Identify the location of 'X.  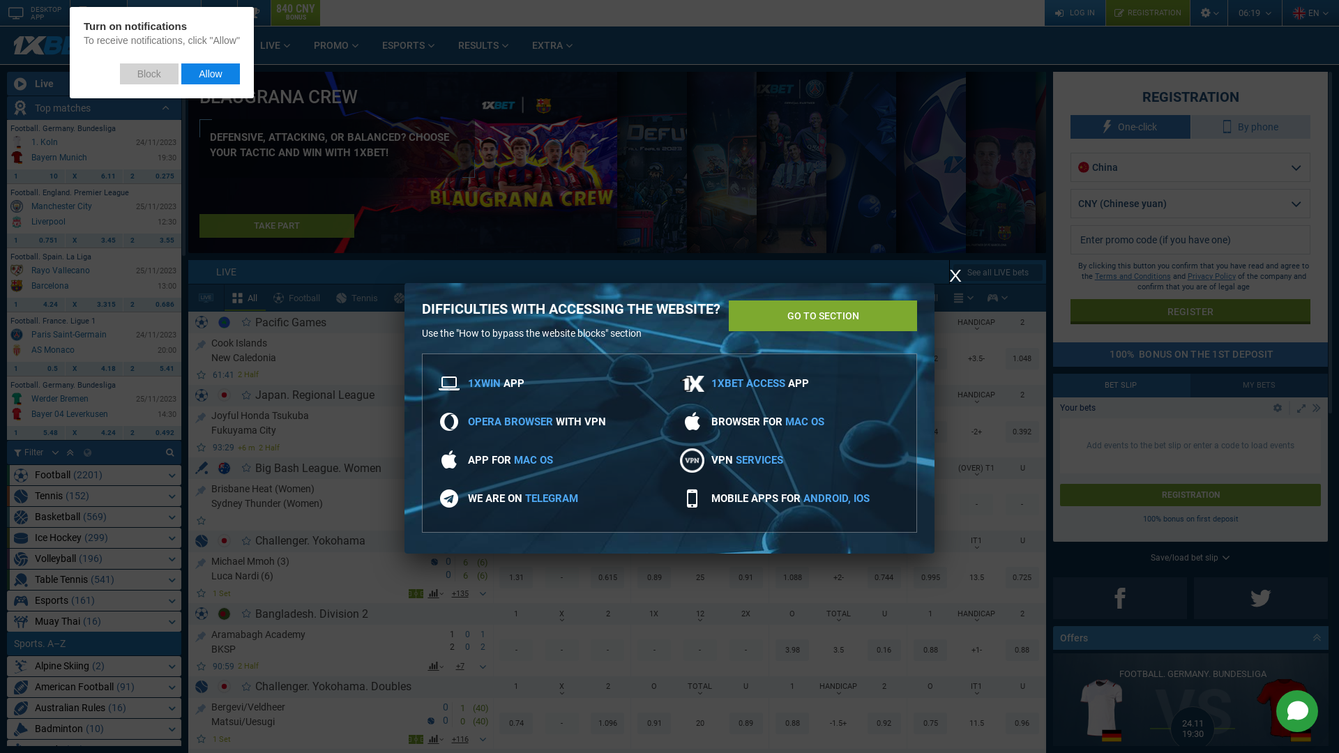
(65, 367).